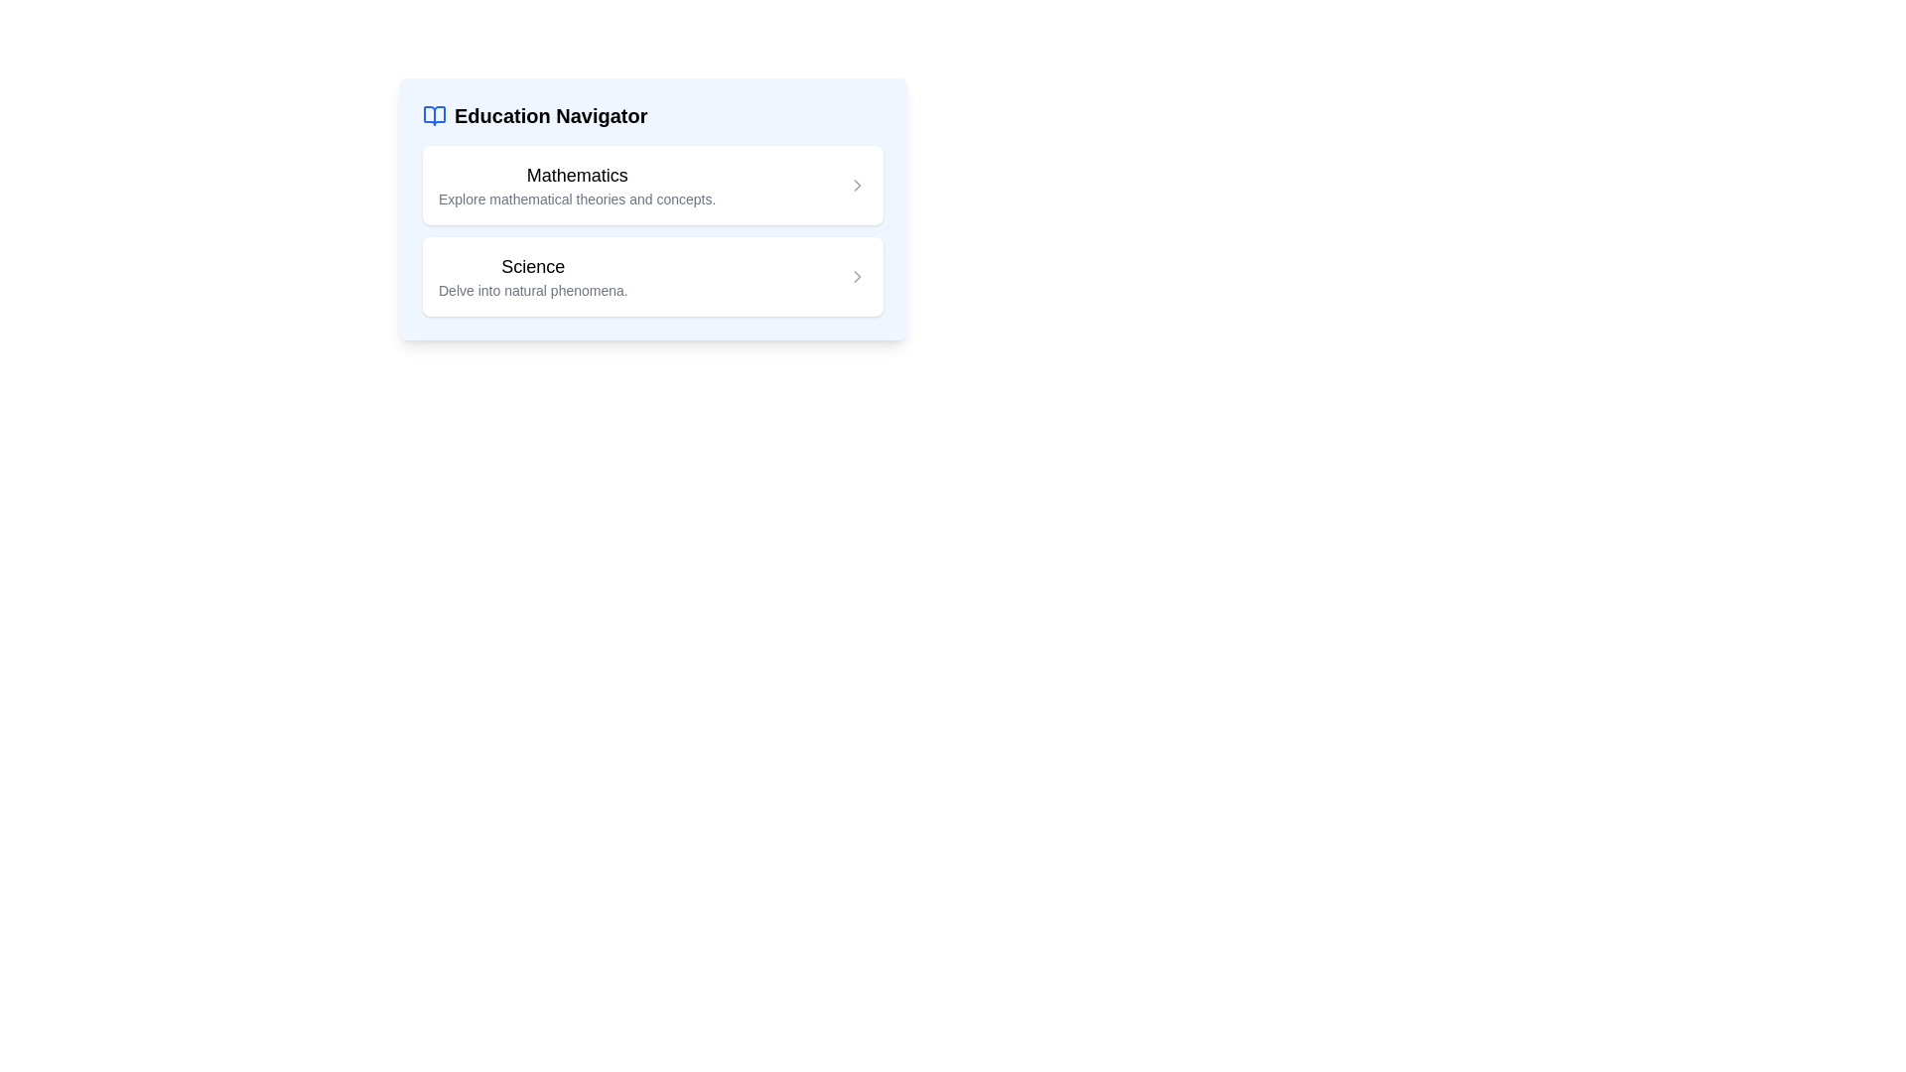 This screenshot has width=1906, height=1072. What do you see at coordinates (533, 266) in the screenshot?
I see `the Science section header text label that indicates the subject for navigation, positioned above the descriptive text 'Delve into natural phenomena.'` at bounding box center [533, 266].